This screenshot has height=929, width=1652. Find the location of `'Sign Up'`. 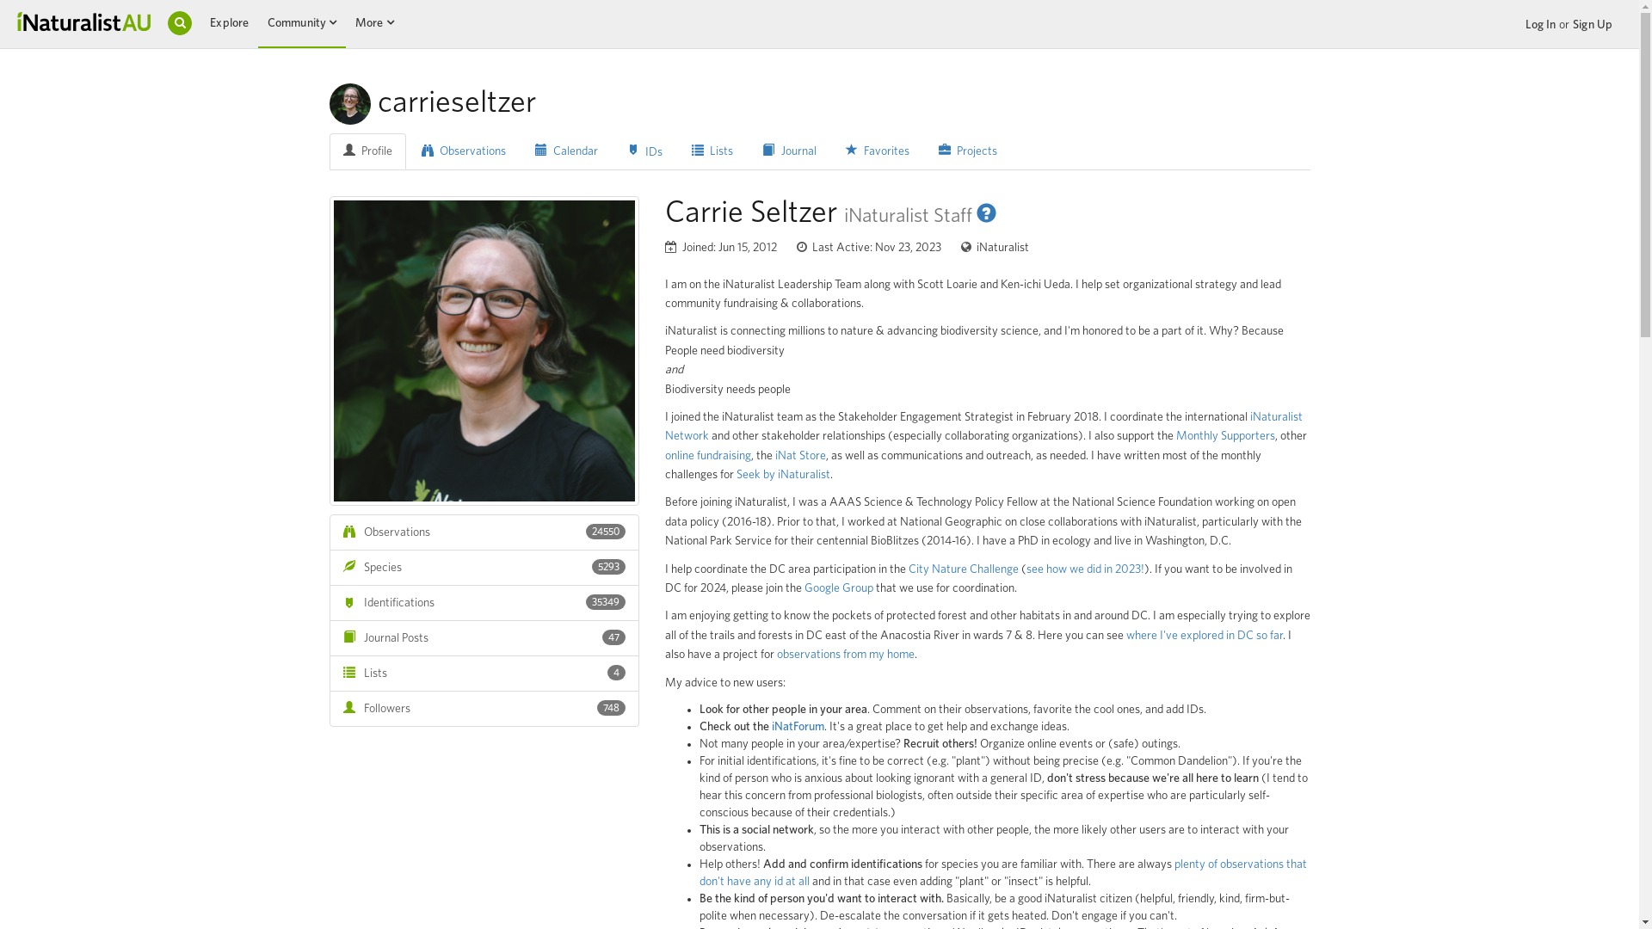

'Sign Up' is located at coordinates (1592, 25).